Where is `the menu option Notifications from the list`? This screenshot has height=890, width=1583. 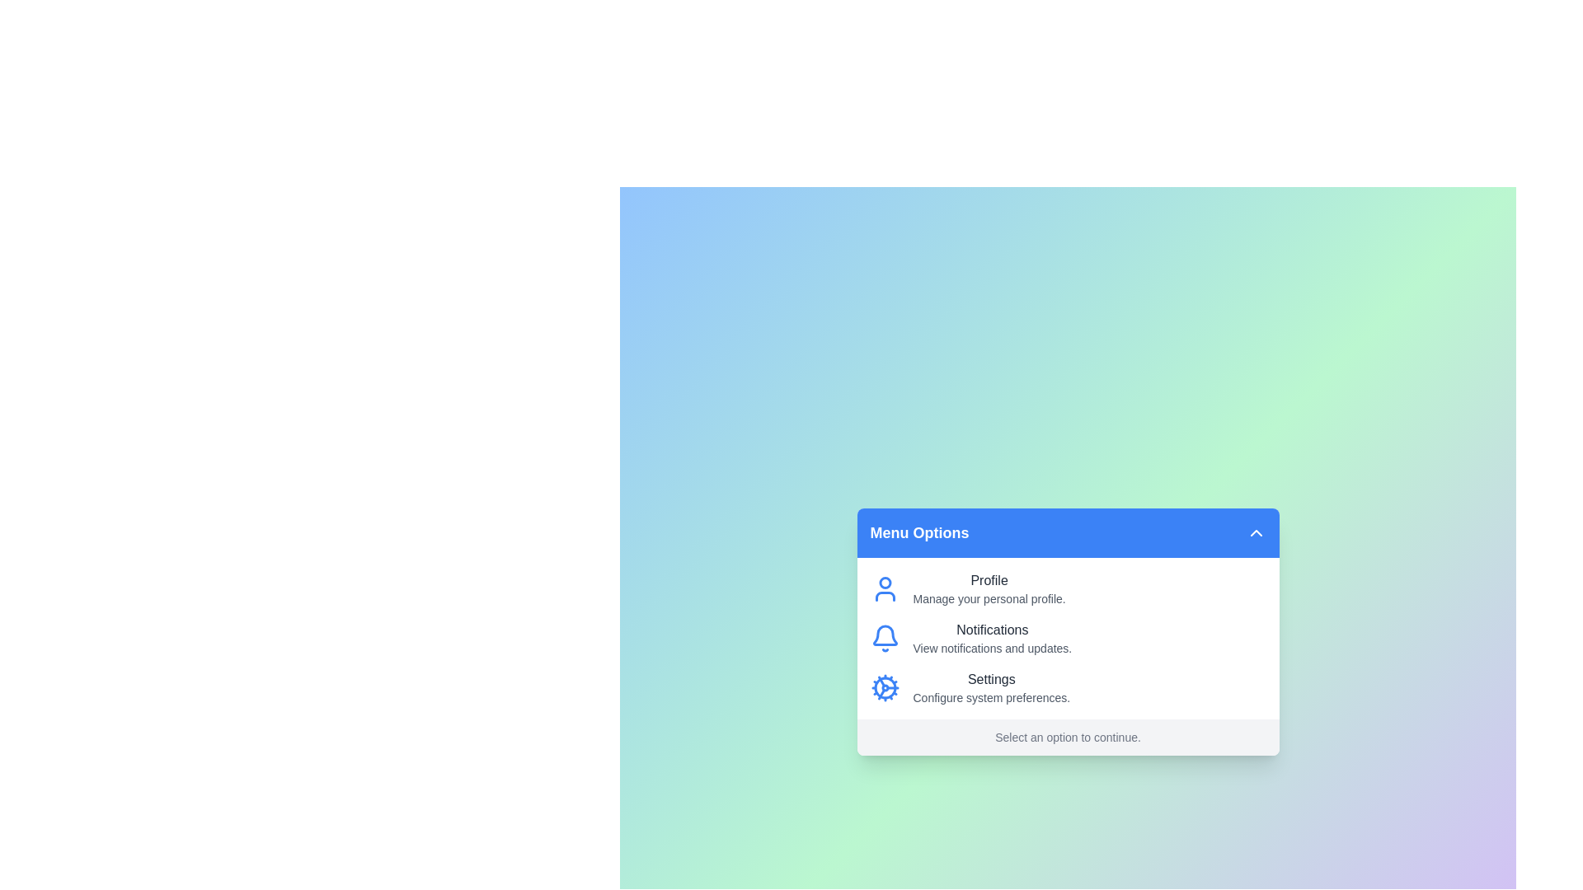
the menu option Notifications from the list is located at coordinates (991, 638).